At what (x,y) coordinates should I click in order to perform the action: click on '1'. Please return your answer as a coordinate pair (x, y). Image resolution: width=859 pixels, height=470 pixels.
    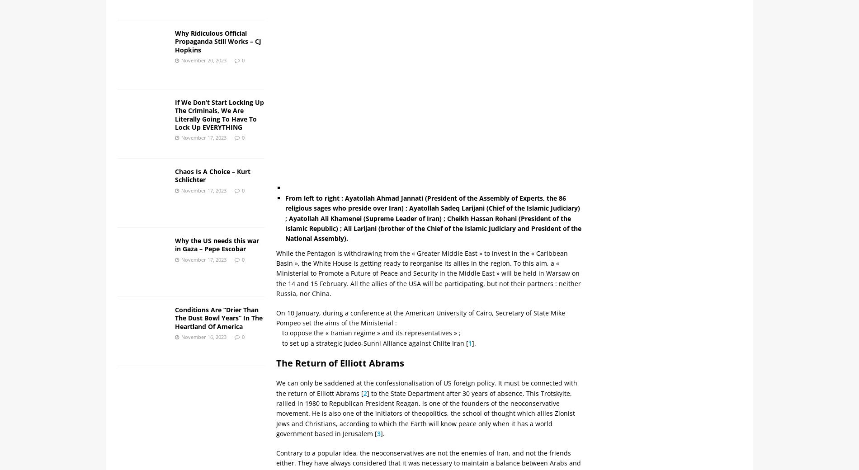
    Looking at the image, I should click on (470, 343).